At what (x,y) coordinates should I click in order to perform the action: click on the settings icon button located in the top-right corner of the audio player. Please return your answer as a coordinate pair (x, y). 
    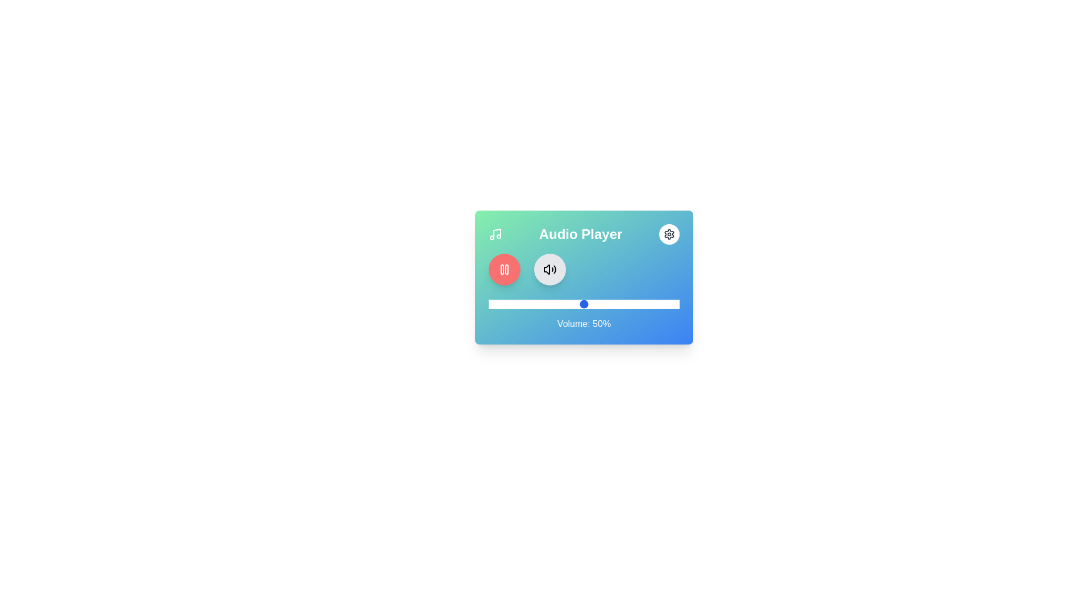
    Looking at the image, I should click on (669, 233).